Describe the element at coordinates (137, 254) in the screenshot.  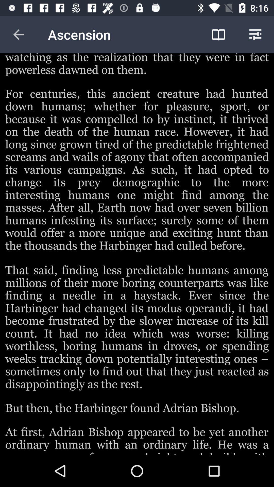
I see `colour pinter` at that location.